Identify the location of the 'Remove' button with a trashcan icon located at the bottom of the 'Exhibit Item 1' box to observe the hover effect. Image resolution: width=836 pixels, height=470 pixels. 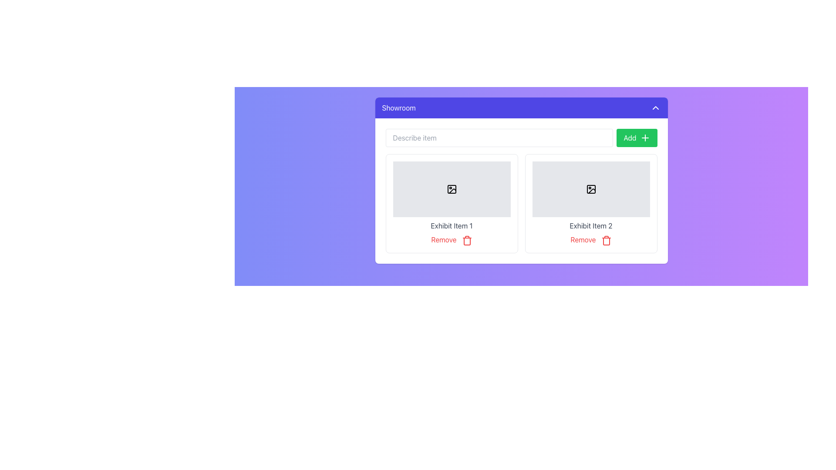
(452, 240).